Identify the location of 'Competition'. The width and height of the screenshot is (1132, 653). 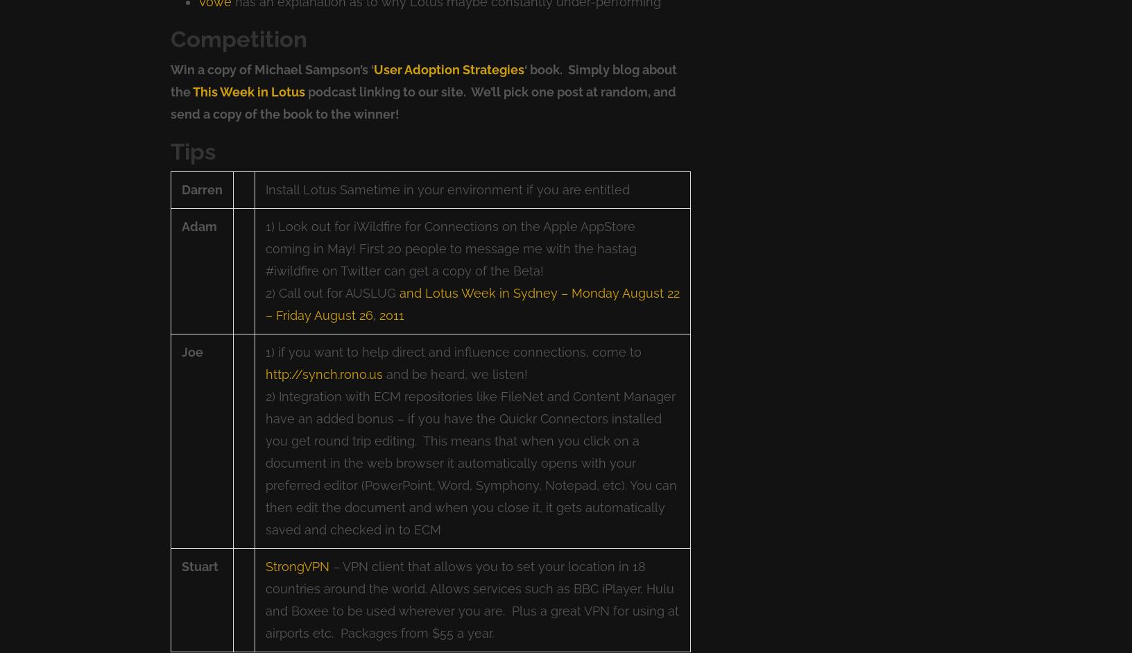
(239, 37).